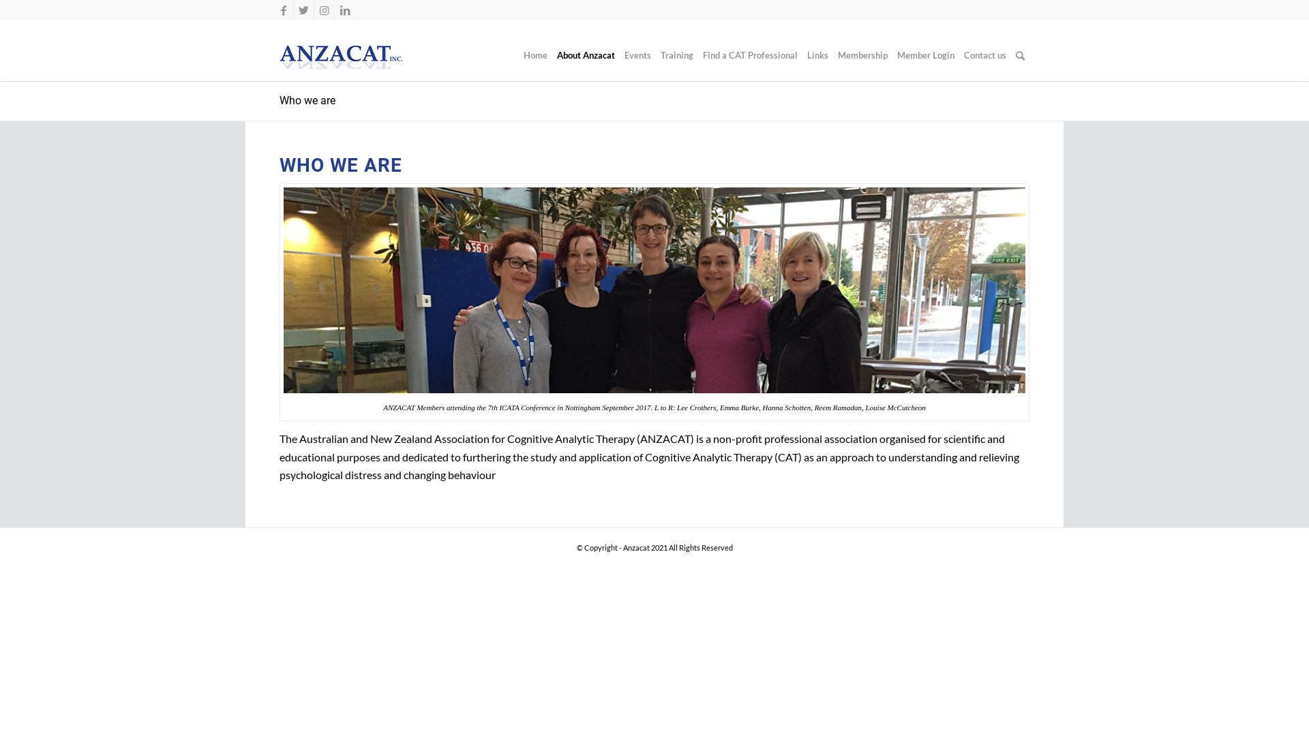  Describe the element at coordinates (344, 10) in the screenshot. I see `'LinkedIn'` at that location.